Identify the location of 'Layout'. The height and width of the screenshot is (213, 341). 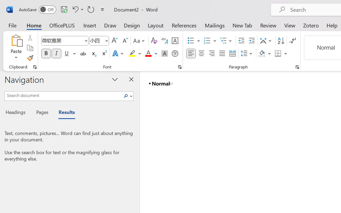
(155, 25).